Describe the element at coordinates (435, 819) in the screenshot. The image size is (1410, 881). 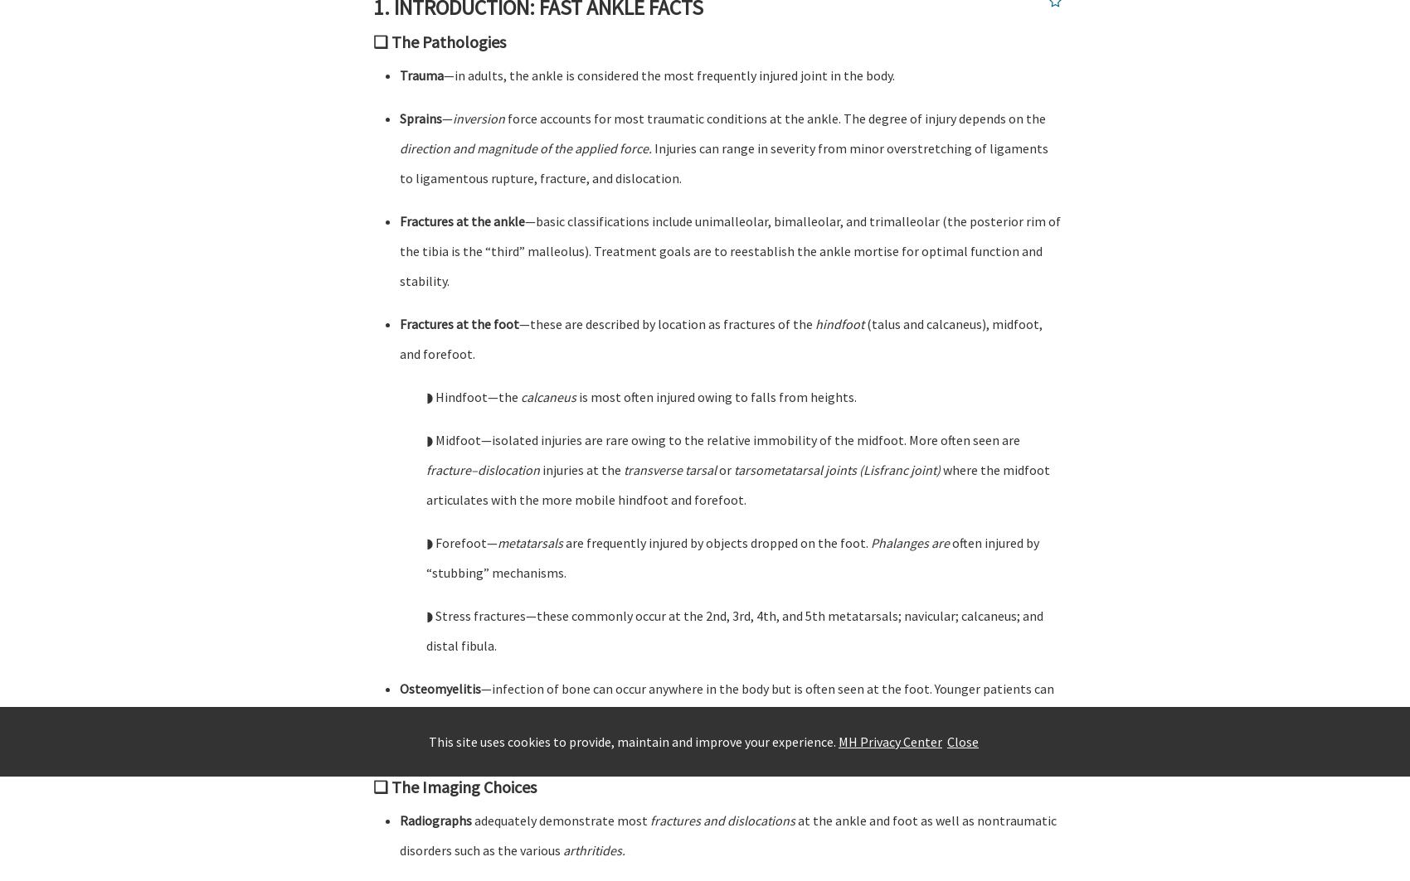
I see `'Radiographs'` at that location.